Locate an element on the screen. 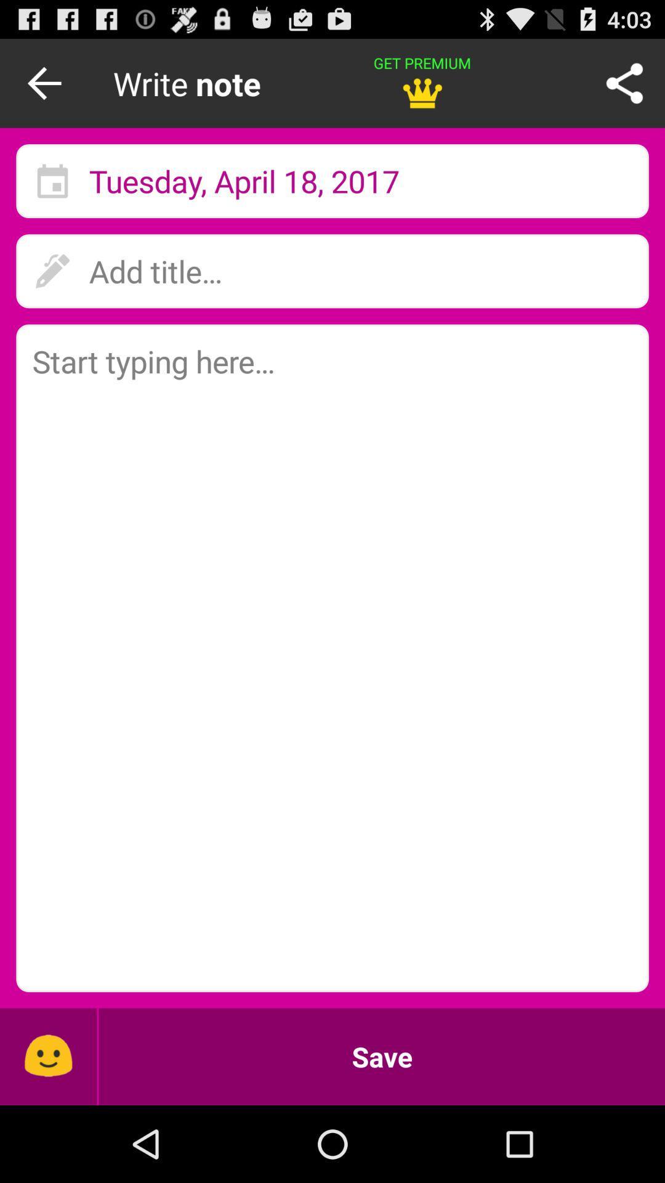 The image size is (665, 1183). the date_range icon is located at coordinates (52, 193).